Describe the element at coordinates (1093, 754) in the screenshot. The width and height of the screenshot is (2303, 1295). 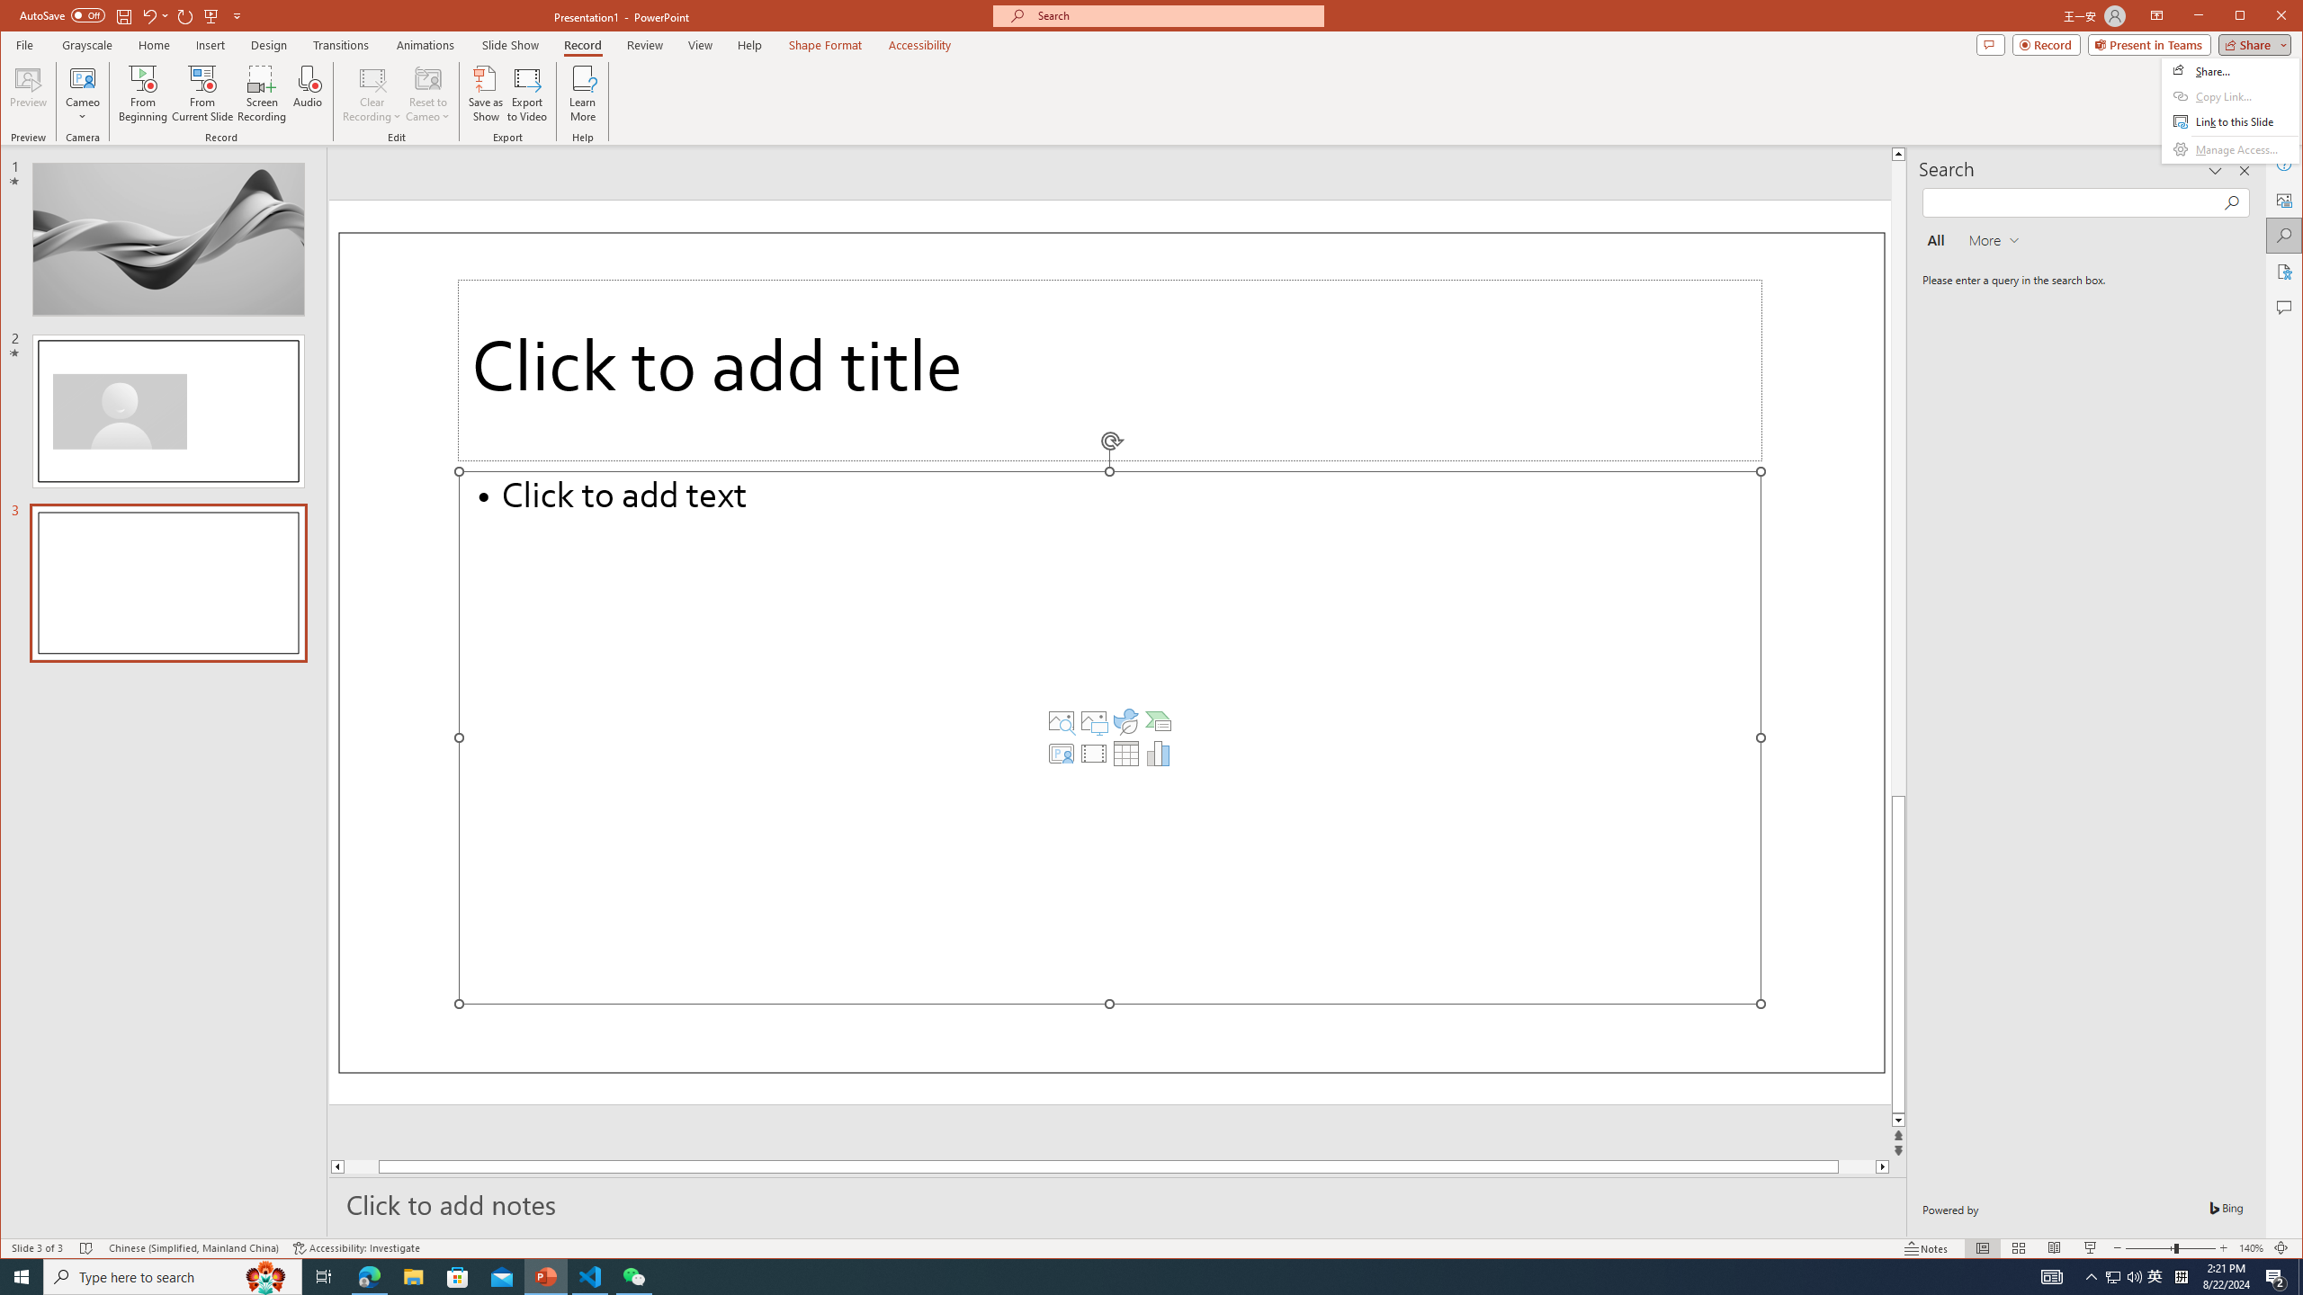
I see `'Insert Video'` at that location.